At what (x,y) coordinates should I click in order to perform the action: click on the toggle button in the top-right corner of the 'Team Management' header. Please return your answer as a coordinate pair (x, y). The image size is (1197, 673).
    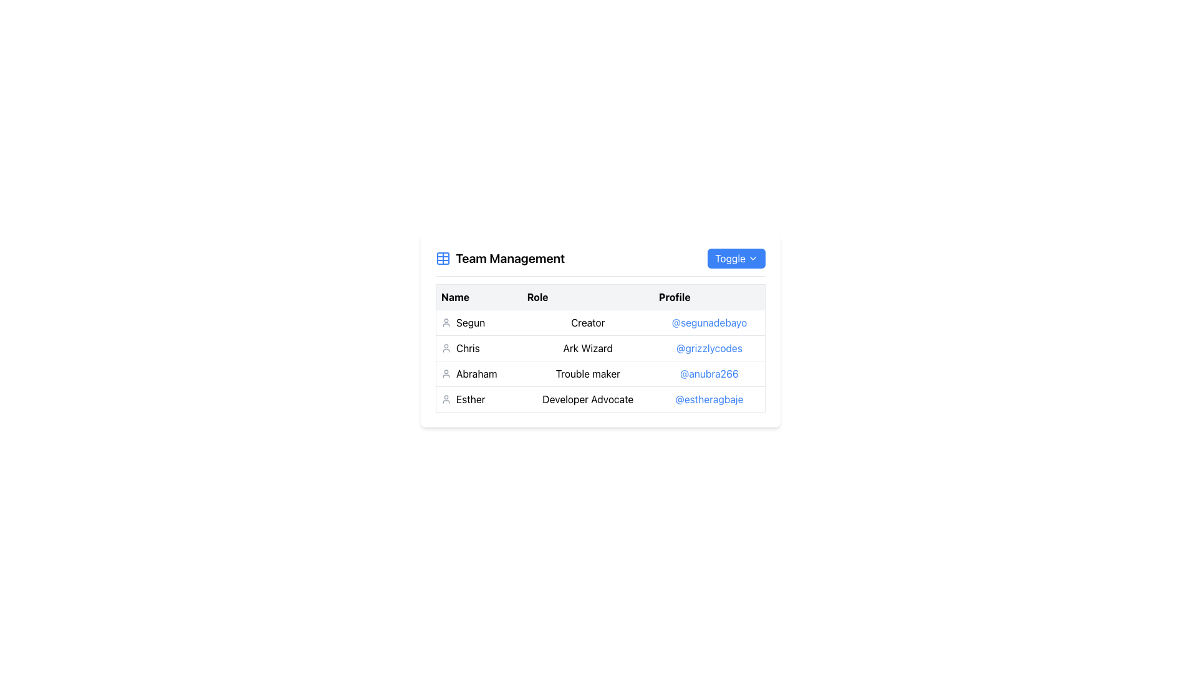
    Looking at the image, I should click on (736, 258).